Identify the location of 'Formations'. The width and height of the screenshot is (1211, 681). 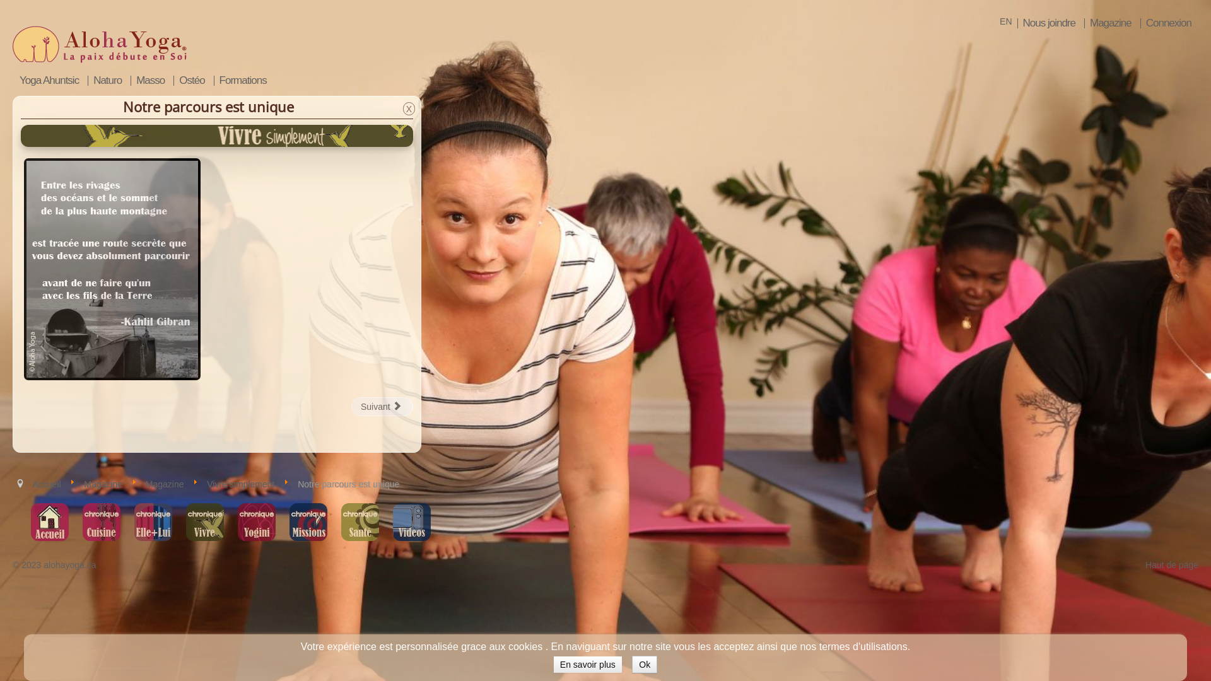
(242, 80).